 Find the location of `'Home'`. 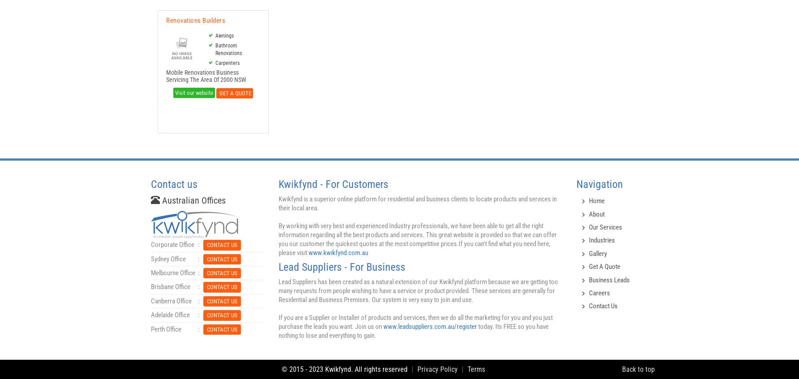

'Home' is located at coordinates (588, 200).